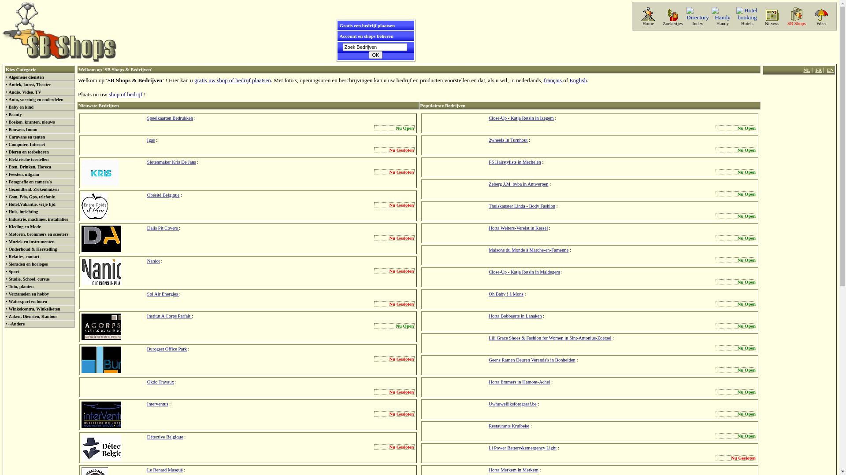 This screenshot has width=846, height=475. What do you see at coordinates (8, 196) in the screenshot?
I see `'Gsm, Pda, Gps, telefonie'` at bounding box center [8, 196].